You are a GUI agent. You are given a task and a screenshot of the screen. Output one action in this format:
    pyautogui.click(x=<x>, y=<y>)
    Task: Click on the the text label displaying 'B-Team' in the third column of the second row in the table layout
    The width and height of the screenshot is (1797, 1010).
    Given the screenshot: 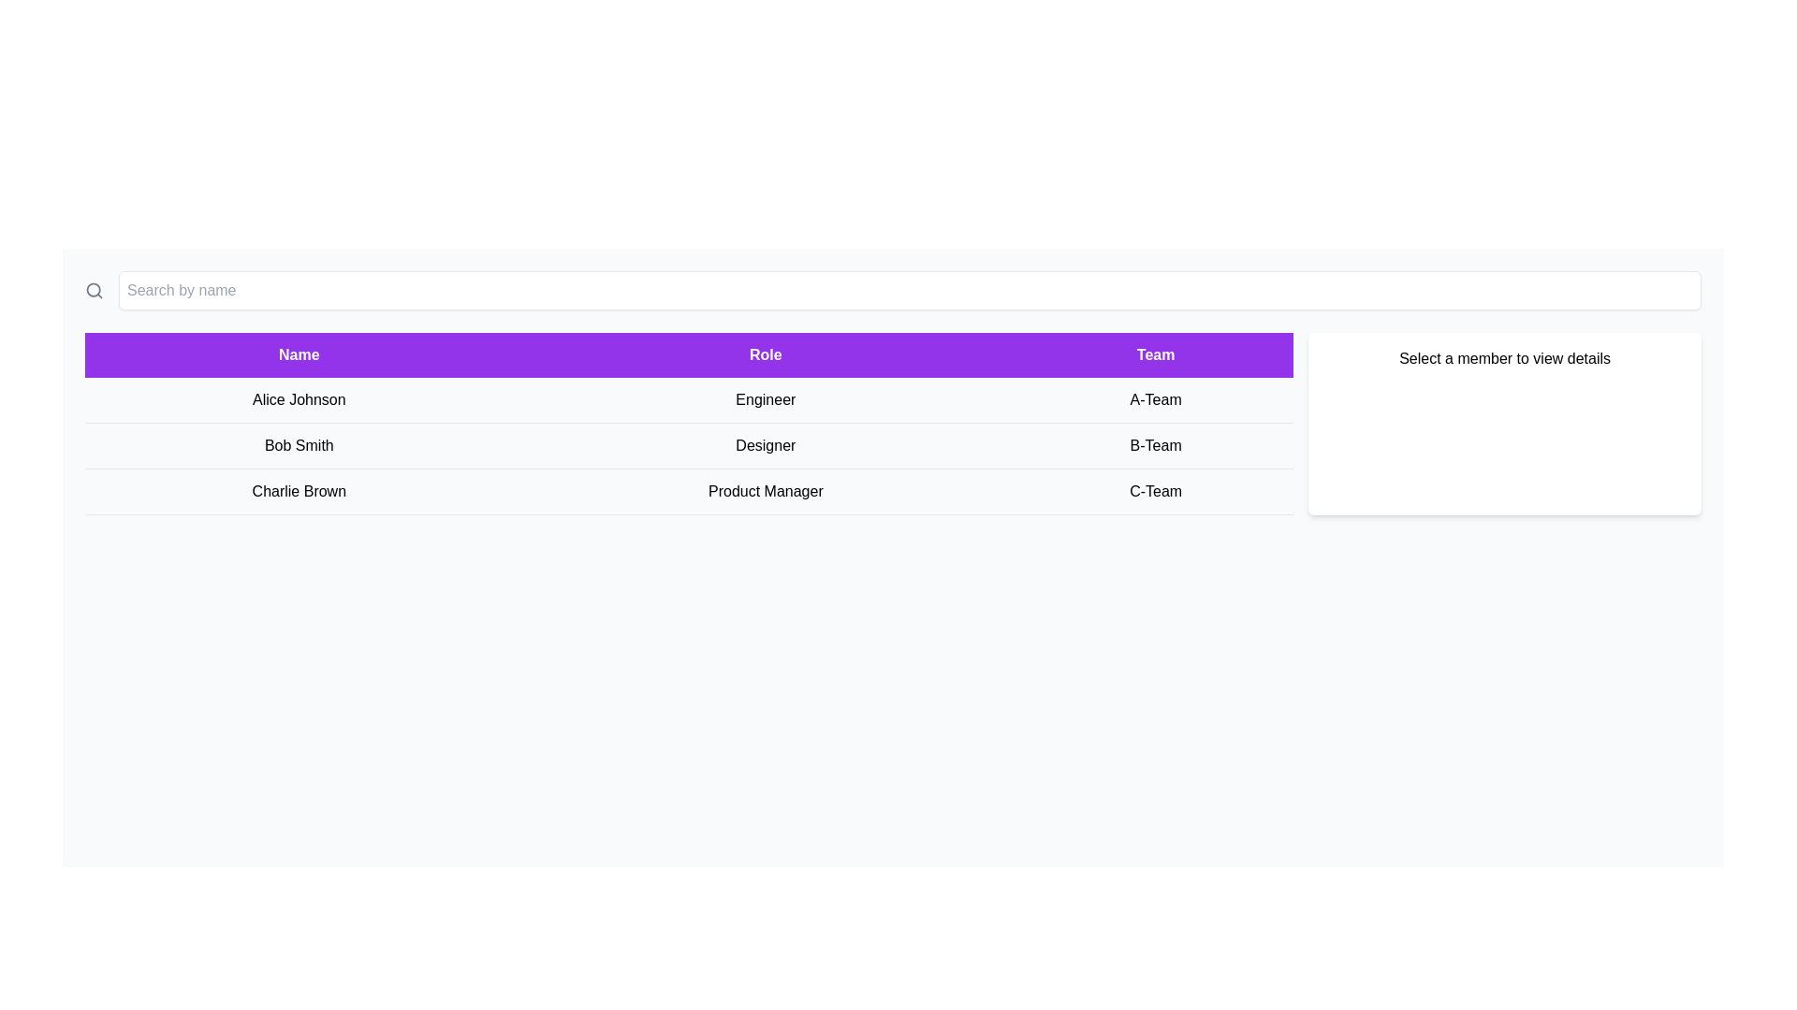 What is the action you would take?
    pyautogui.click(x=1155, y=446)
    